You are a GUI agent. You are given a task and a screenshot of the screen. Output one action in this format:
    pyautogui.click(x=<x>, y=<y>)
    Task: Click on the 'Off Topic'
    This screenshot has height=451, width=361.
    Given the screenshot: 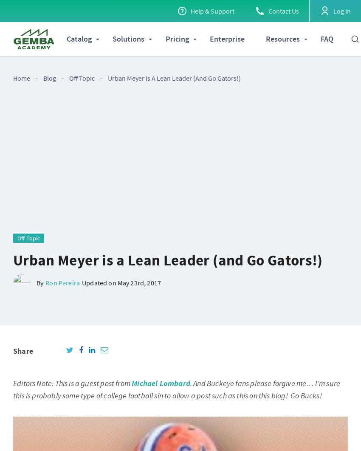 What is the action you would take?
    pyautogui.click(x=82, y=78)
    